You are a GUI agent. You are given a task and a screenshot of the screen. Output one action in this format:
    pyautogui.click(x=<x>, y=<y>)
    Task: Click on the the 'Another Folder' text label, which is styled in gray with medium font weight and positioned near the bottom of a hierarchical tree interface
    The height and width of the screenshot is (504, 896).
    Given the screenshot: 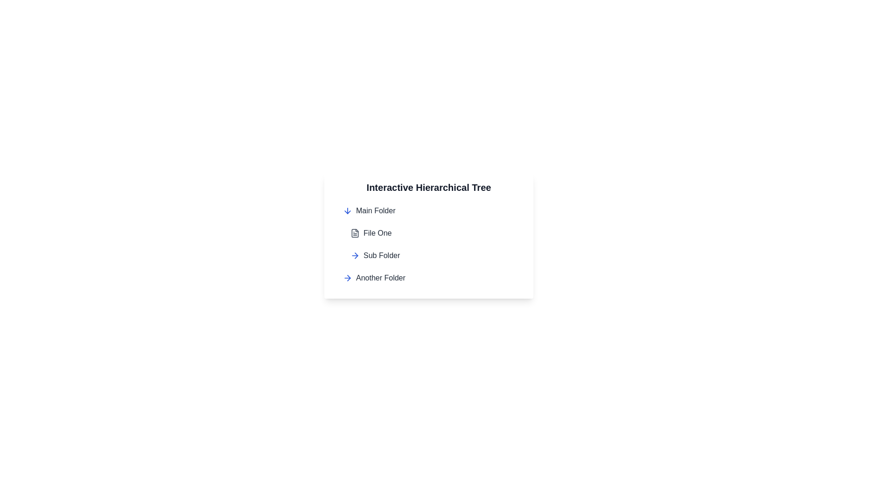 What is the action you would take?
    pyautogui.click(x=381, y=278)
    